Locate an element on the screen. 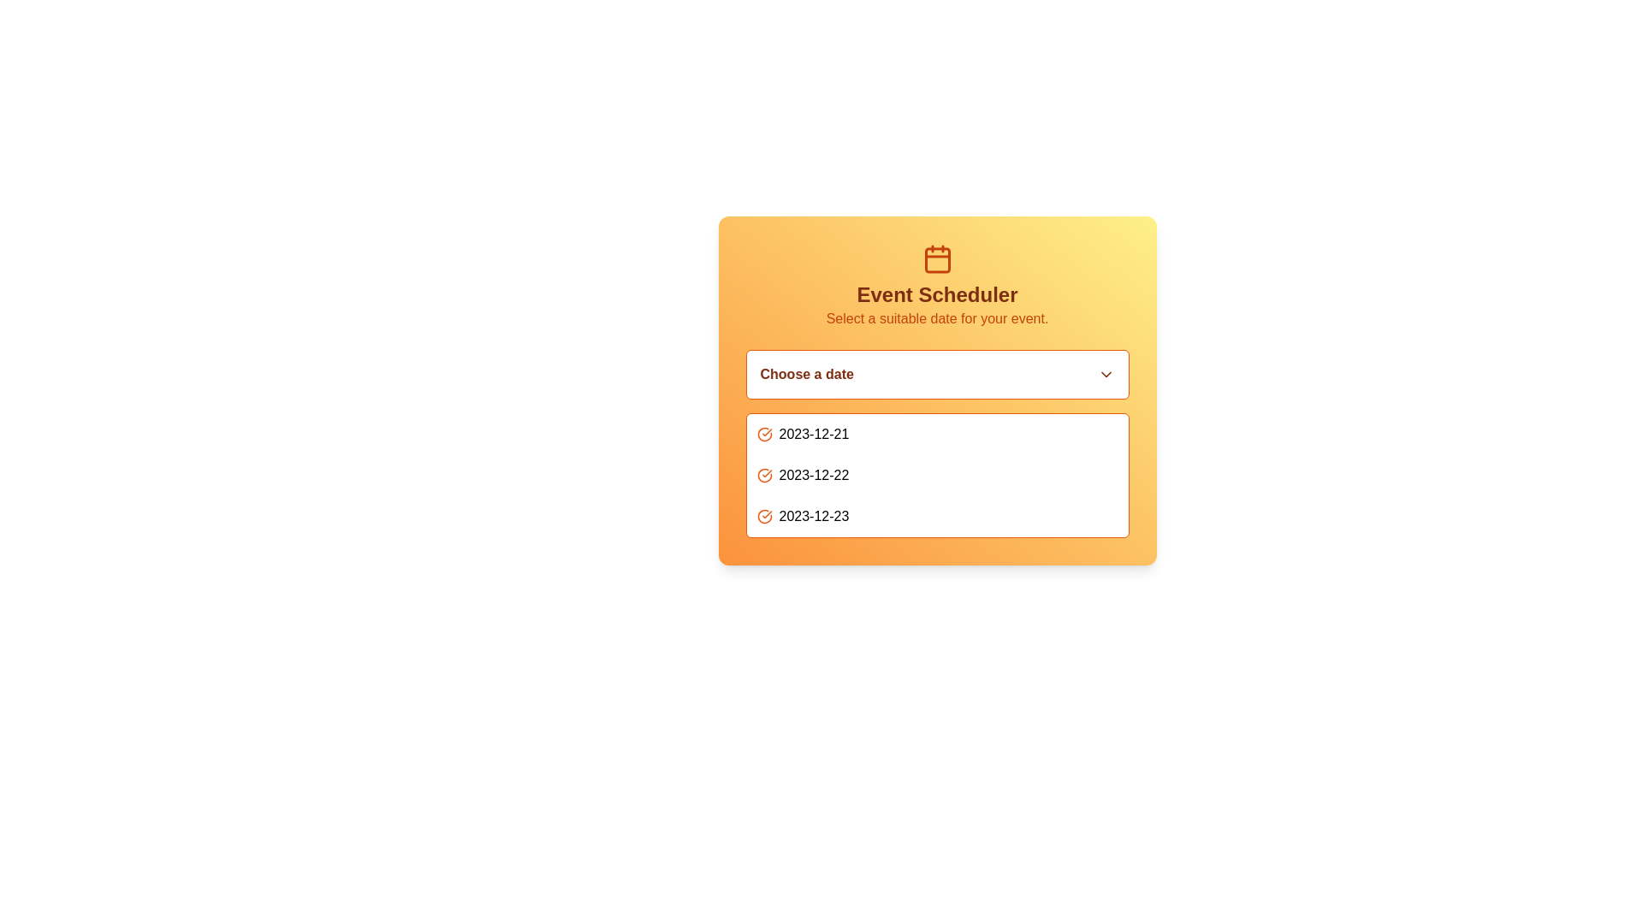 This screenshot has width=1643, height=924. the selectable date option '2023-12-23' in the 'Choose a date' dropdown list within the 'Event Scheduler' panel is located at coordinates (936, 516).